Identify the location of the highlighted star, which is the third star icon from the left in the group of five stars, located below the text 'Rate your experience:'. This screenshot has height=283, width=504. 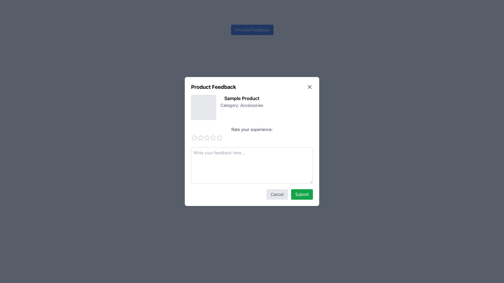
(213, 137).